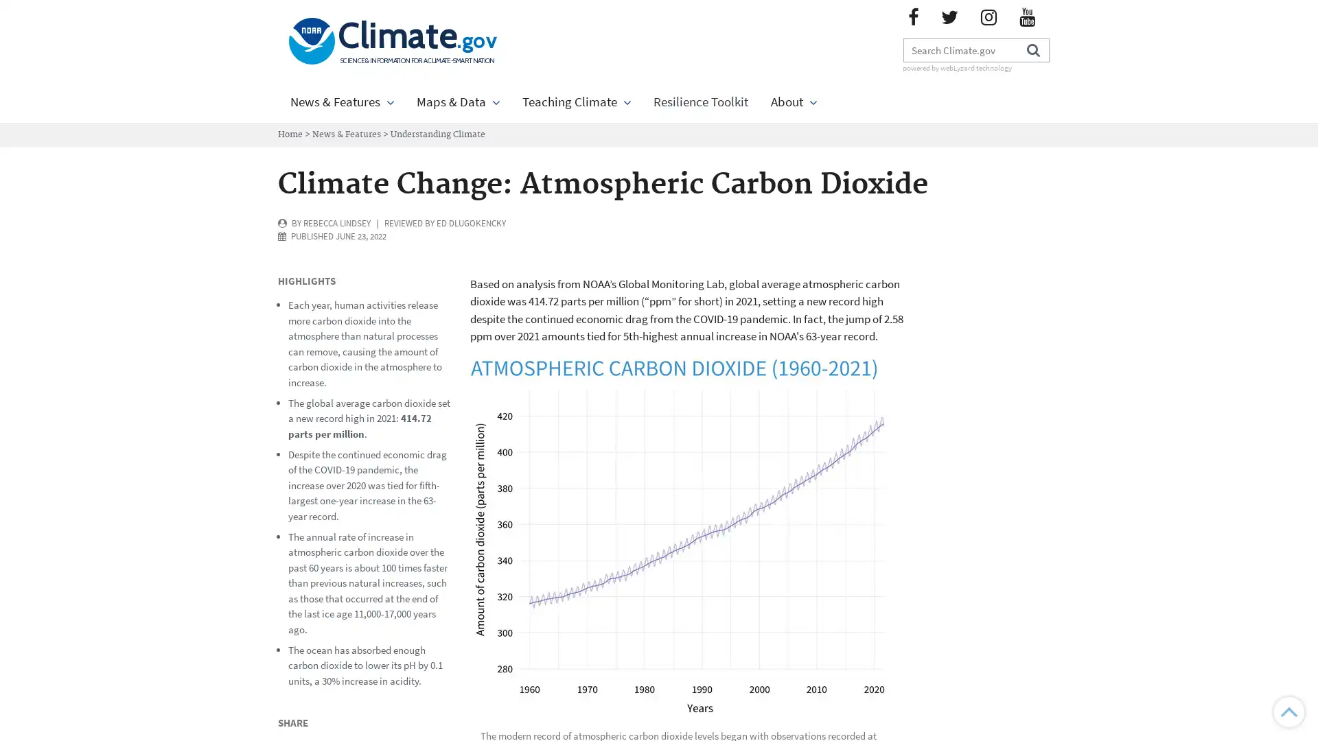 This screenshot has width=1318, height=741. Describe the element at coordinates (458, 100) in the screenshot. I see `Maps & Data` at that location.